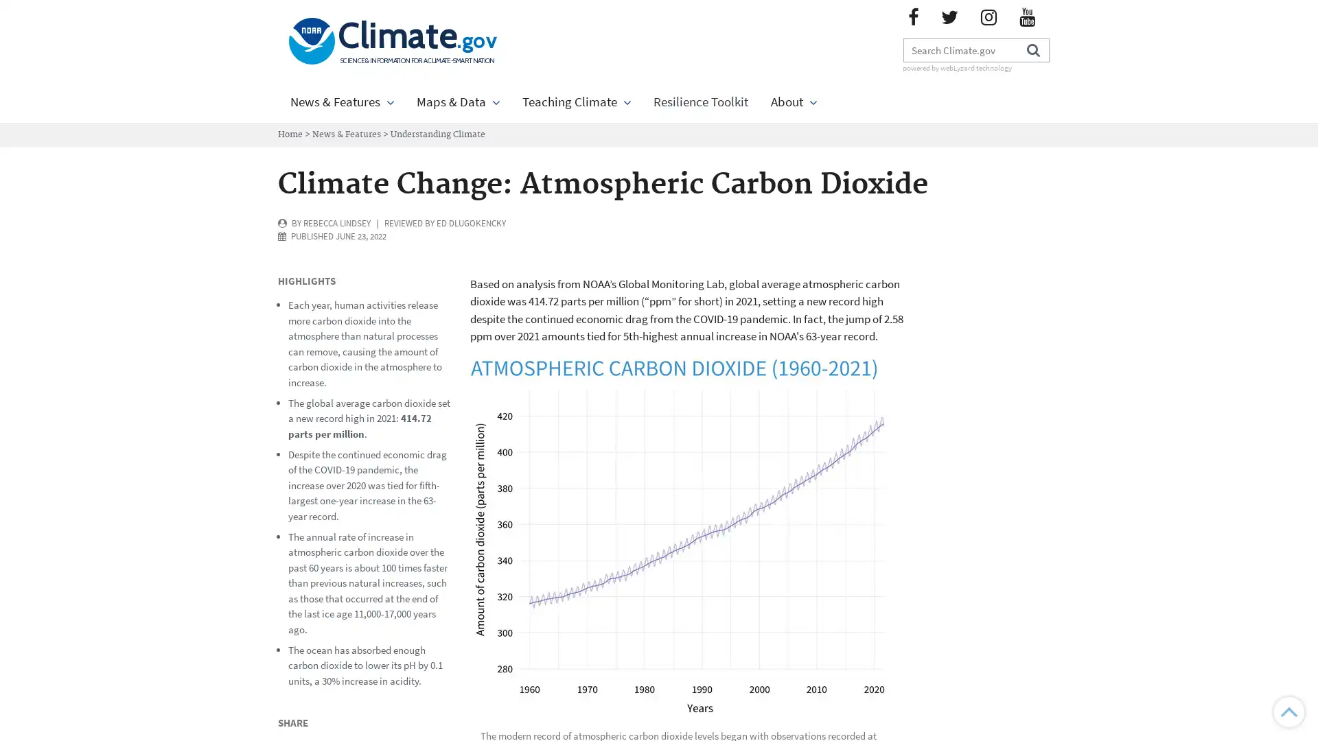 This screenshot has width=1318, height=741. Describe the element at coordinates (458, 100) in the screenshot. I see `Maps & Data` at that location.